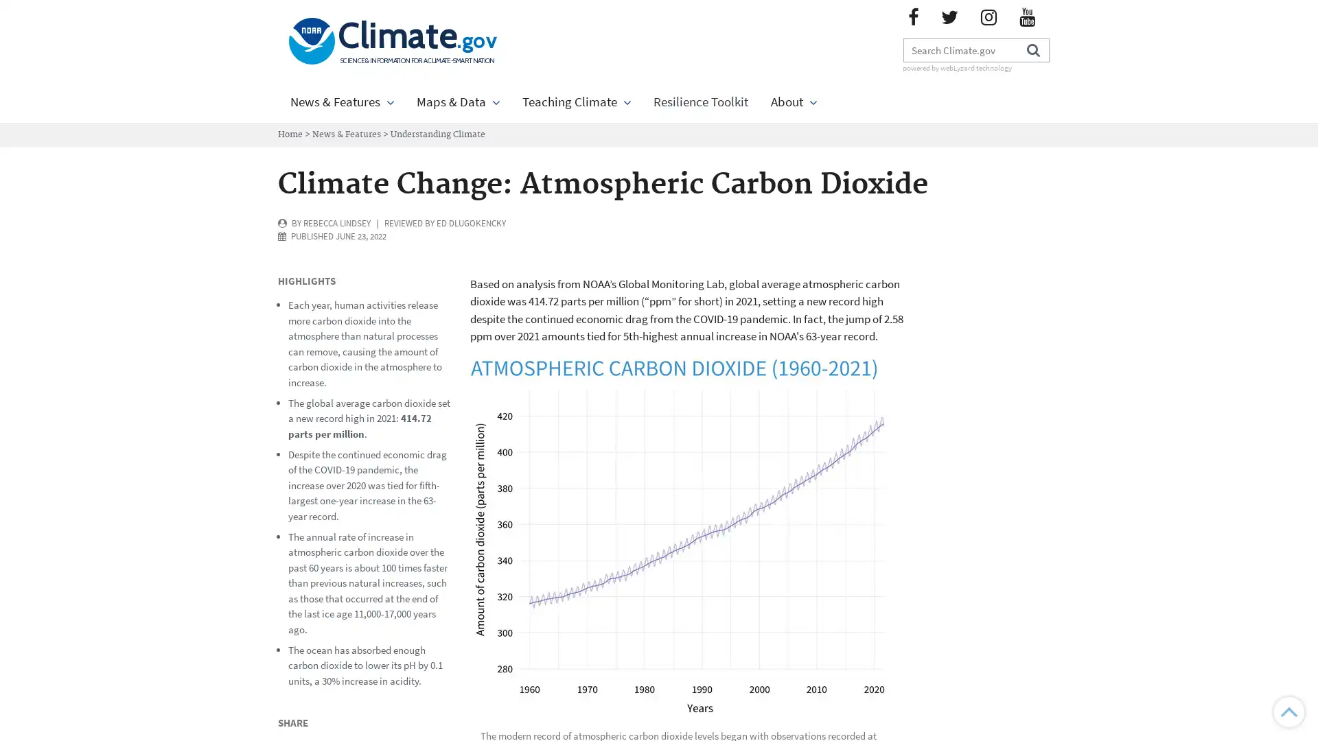 This screenshot has width=1318, height=741. Describe the element at coordinates (458, 100) in the screenshot. I see `Maps & Data` at that location.